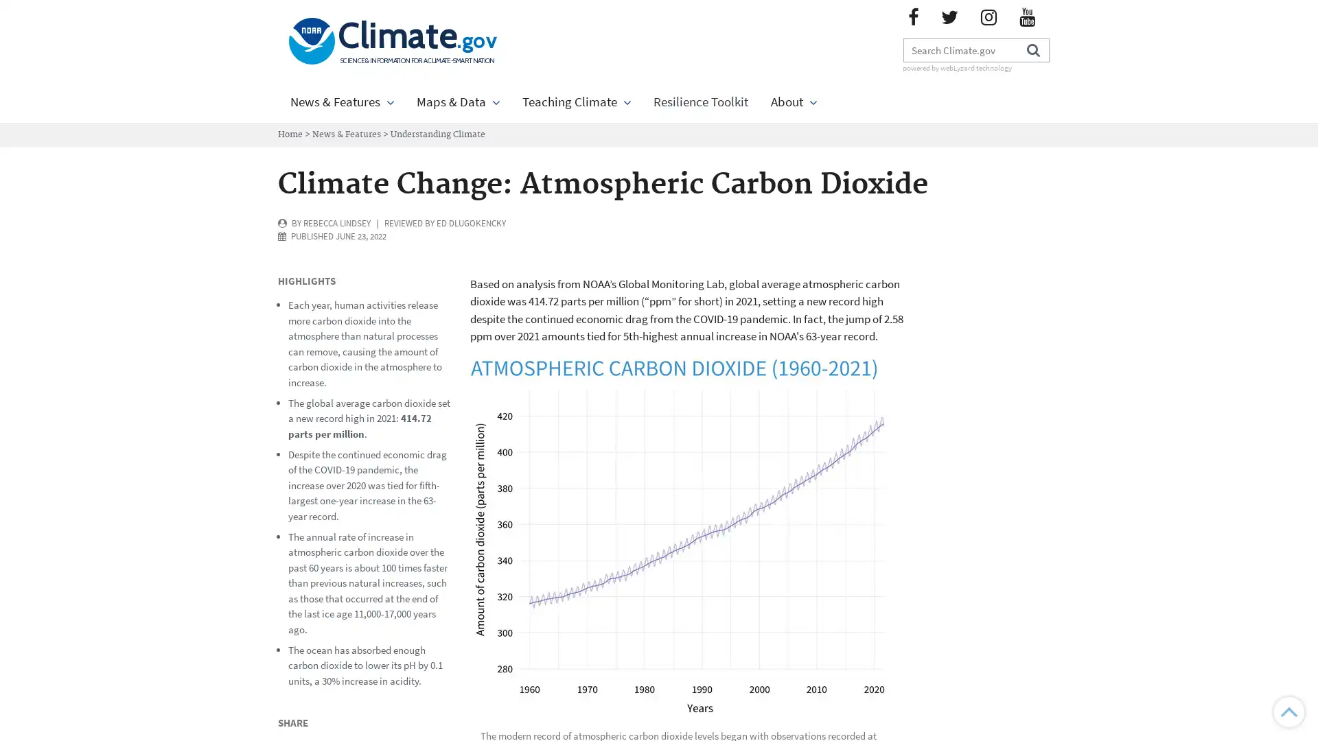 This screenshot has width=1318, height=741. Describe the element at coordinates (458, 100) in the screenshot. I see `Maps & Data` at that location.